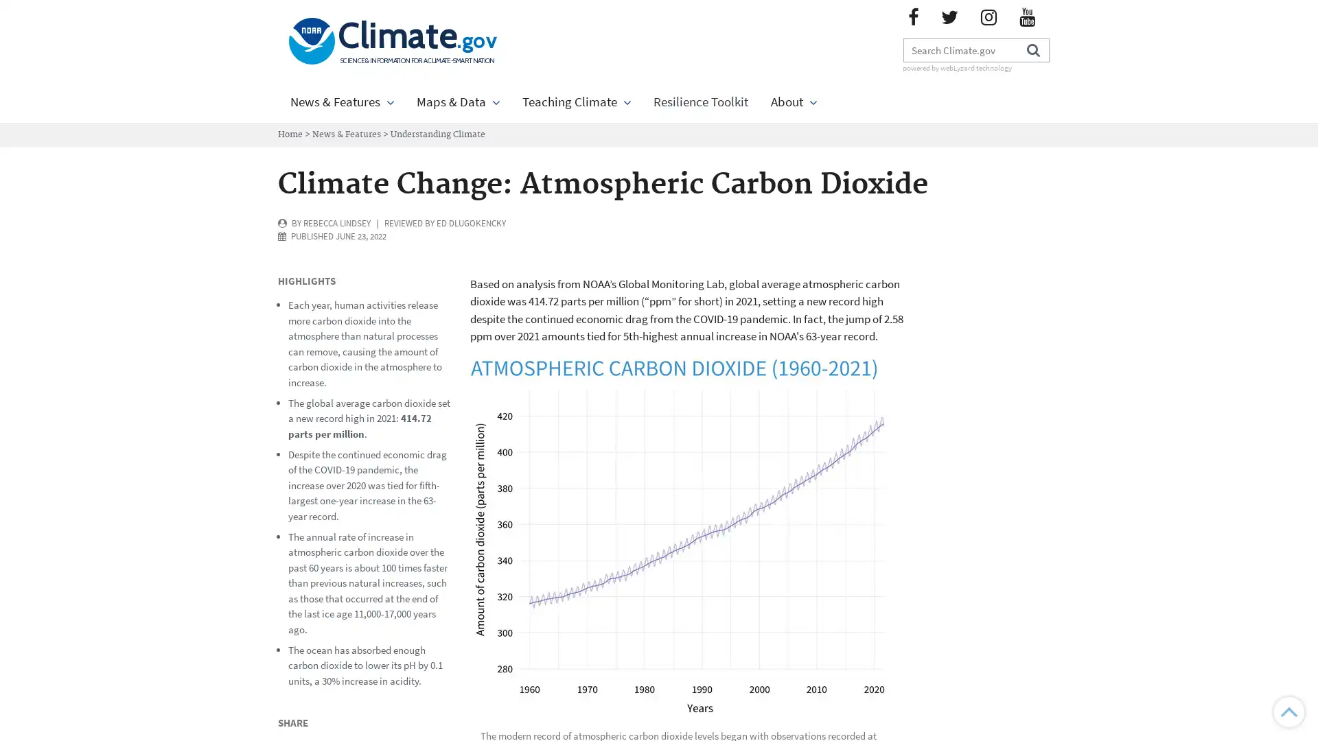 This screenshot has width=1318, height=741. Describe the element at coordinates (458, 100) in the screenshot. I see `Maps & Data` at that location.